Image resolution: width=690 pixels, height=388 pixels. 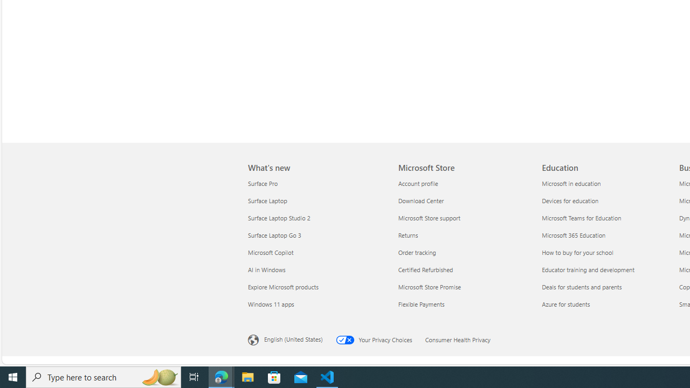 I want to click on 'Microsoft Store Promise', so click(x=464, y=286).